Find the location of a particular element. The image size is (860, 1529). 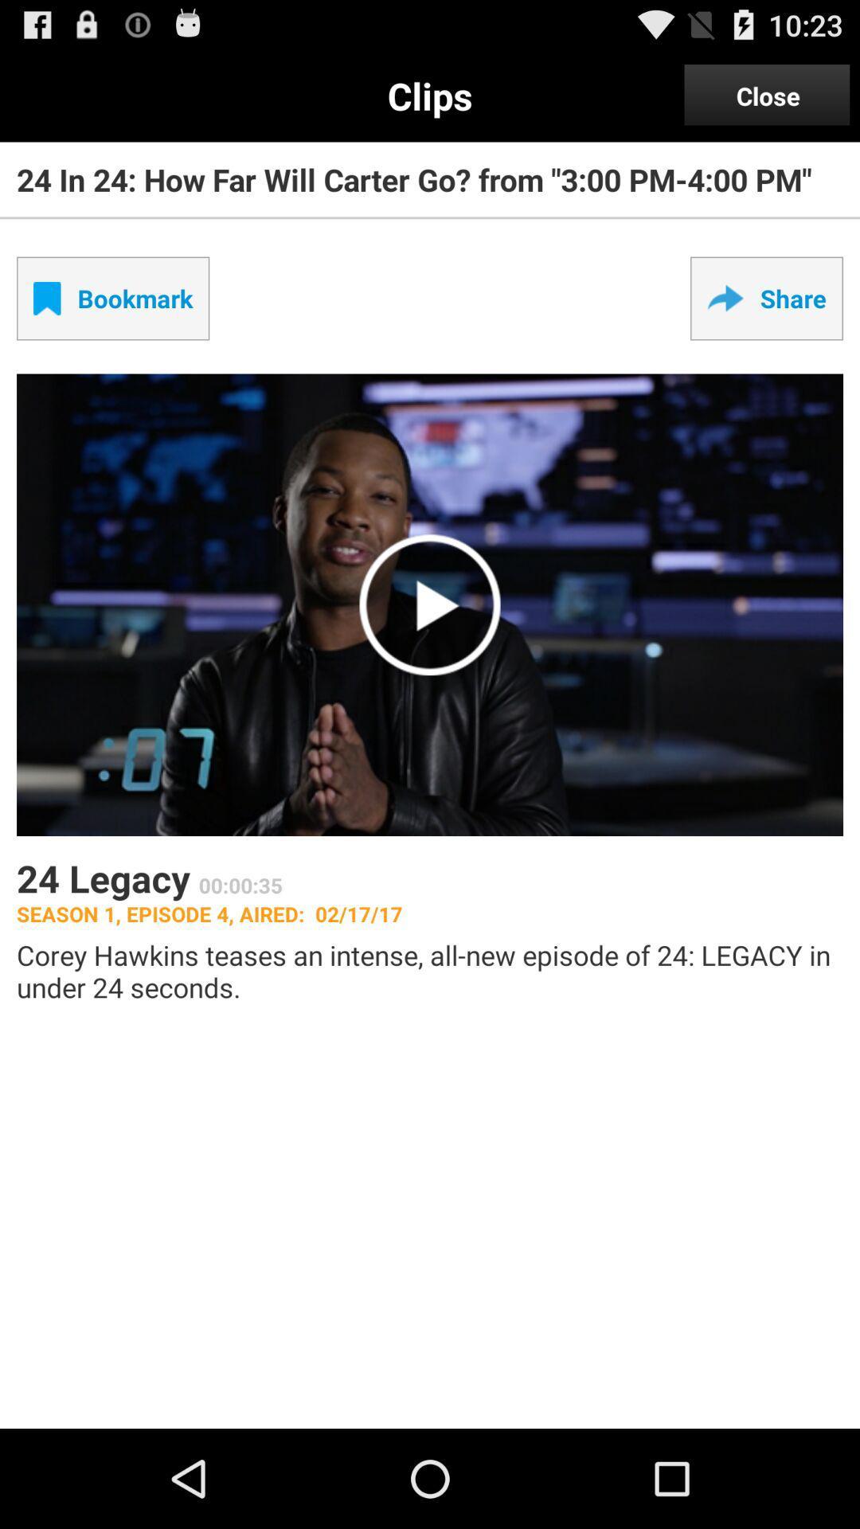

icon to the right of bookmark checkbox is located at coordinates (766, 298).